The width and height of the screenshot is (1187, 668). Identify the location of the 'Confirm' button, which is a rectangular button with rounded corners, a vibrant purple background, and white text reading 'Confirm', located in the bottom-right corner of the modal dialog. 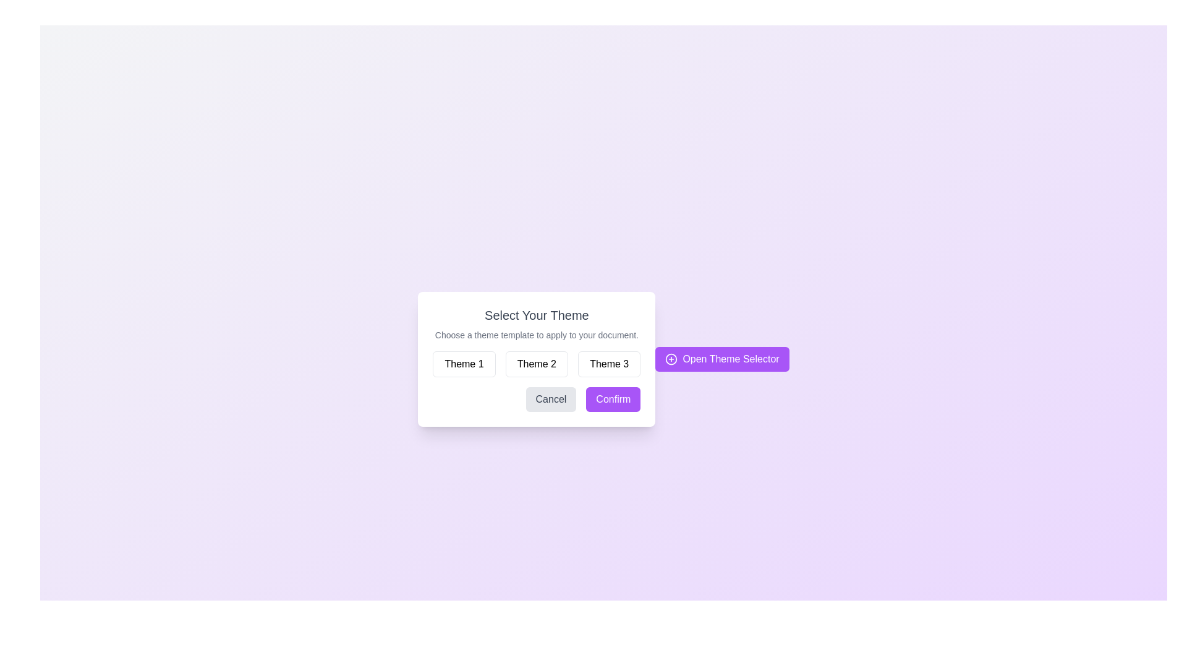
(613, 399).